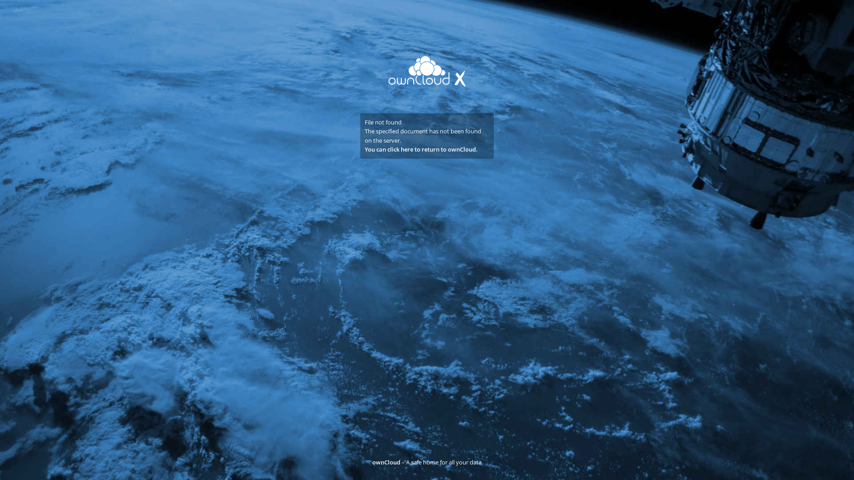 The image size is (854, 480). I want to click on 'ownCloud', so click(386, 462).